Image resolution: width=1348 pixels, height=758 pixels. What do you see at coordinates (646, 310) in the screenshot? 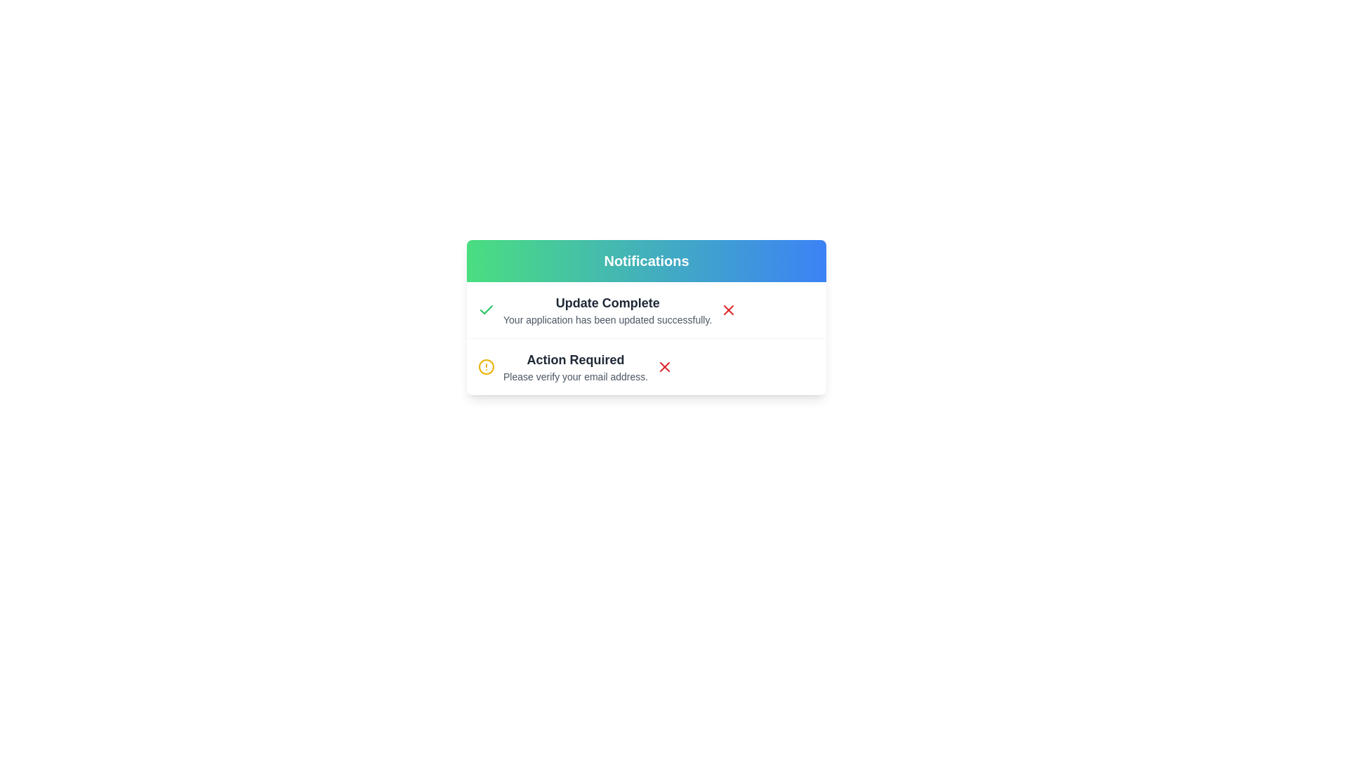
I see `success message from the Notification message that includes a checkmark icon and the text 'Update Complete' with subtitle 'Your application has been updated successfully.'` at bounding box center [646, 310].